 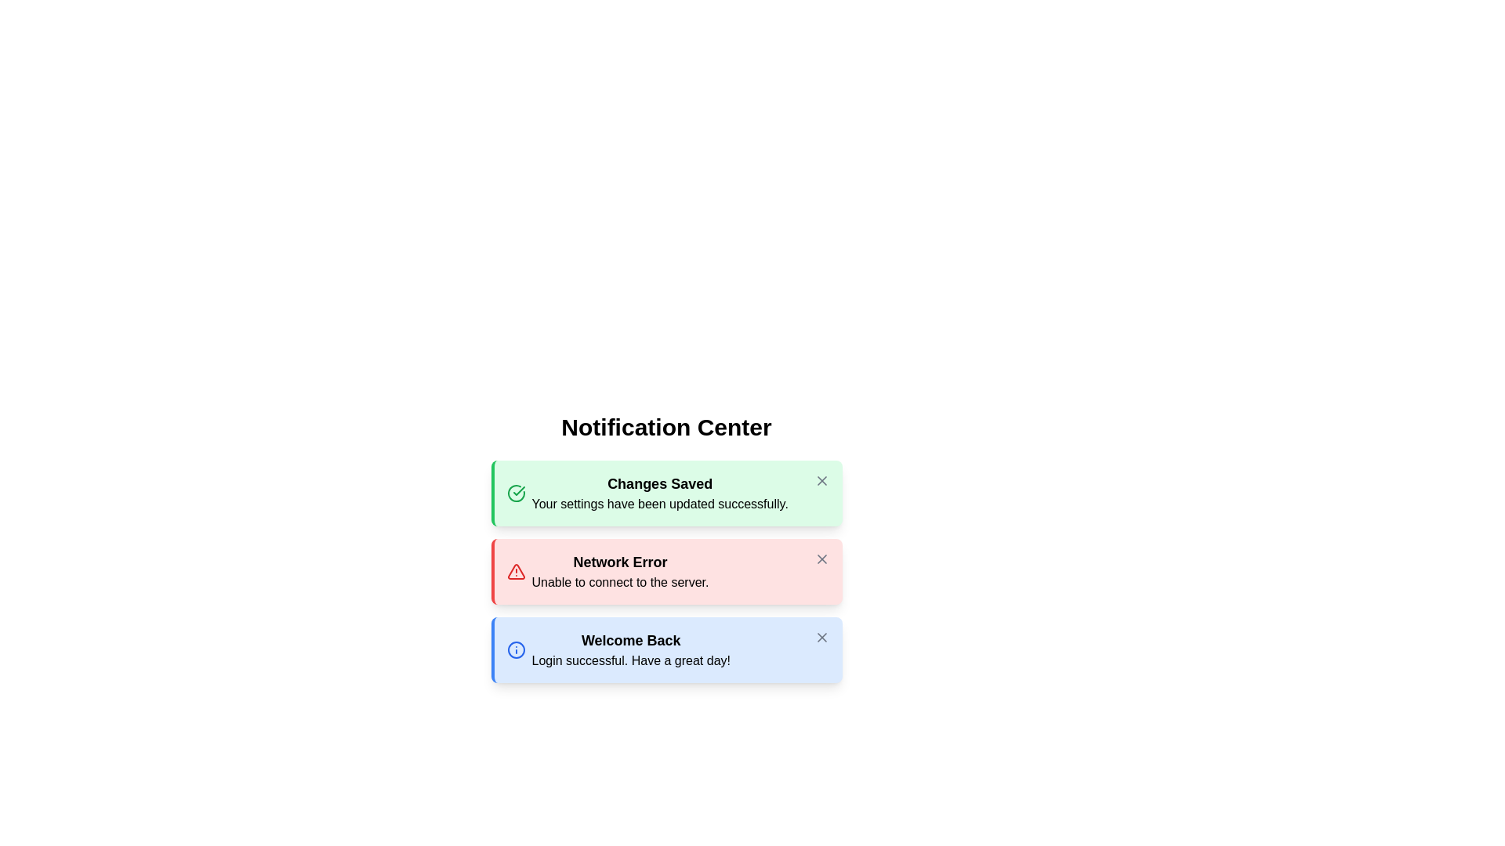 What do you see at coordinates (666, 492) in the screenshot?
I see `the first notification message box in the Notification Center` at bounding box center [666, 492].